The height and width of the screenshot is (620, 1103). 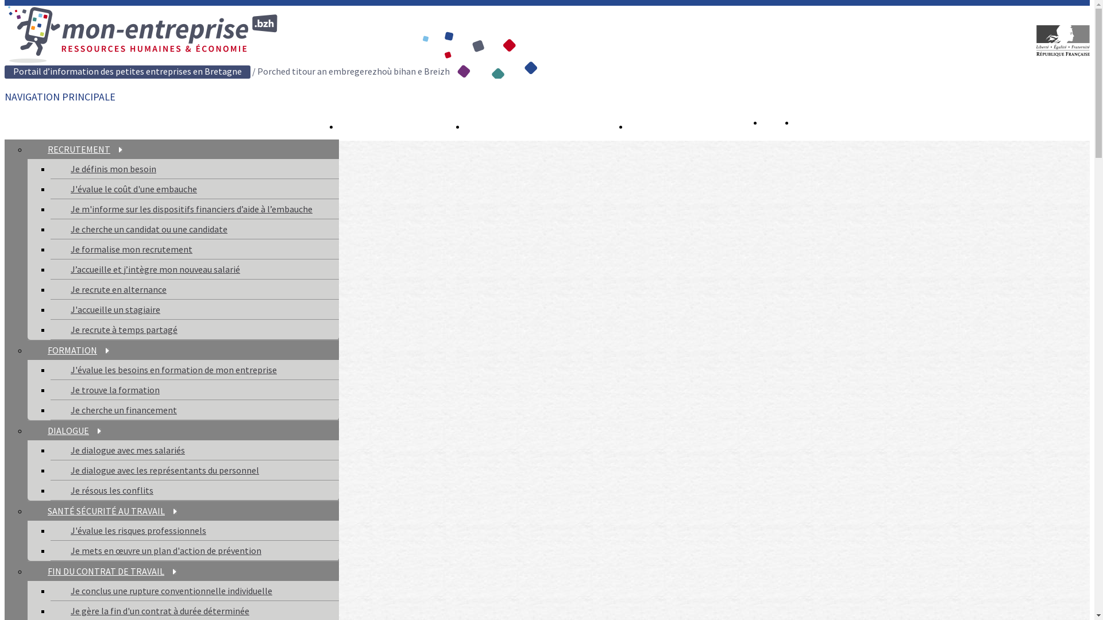 I want to click on 'Je cherche un financement', so click(x=124, y=409).